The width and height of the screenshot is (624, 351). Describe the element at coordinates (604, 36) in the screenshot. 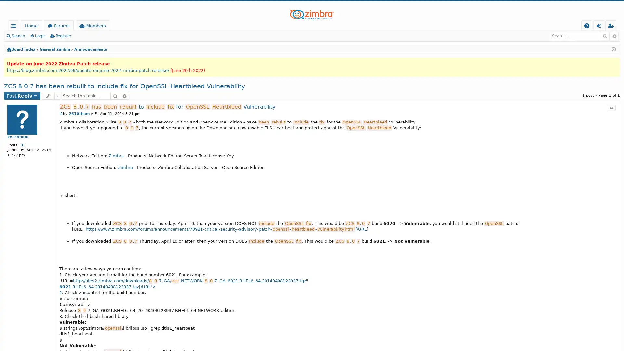

I see `Search` at that location.